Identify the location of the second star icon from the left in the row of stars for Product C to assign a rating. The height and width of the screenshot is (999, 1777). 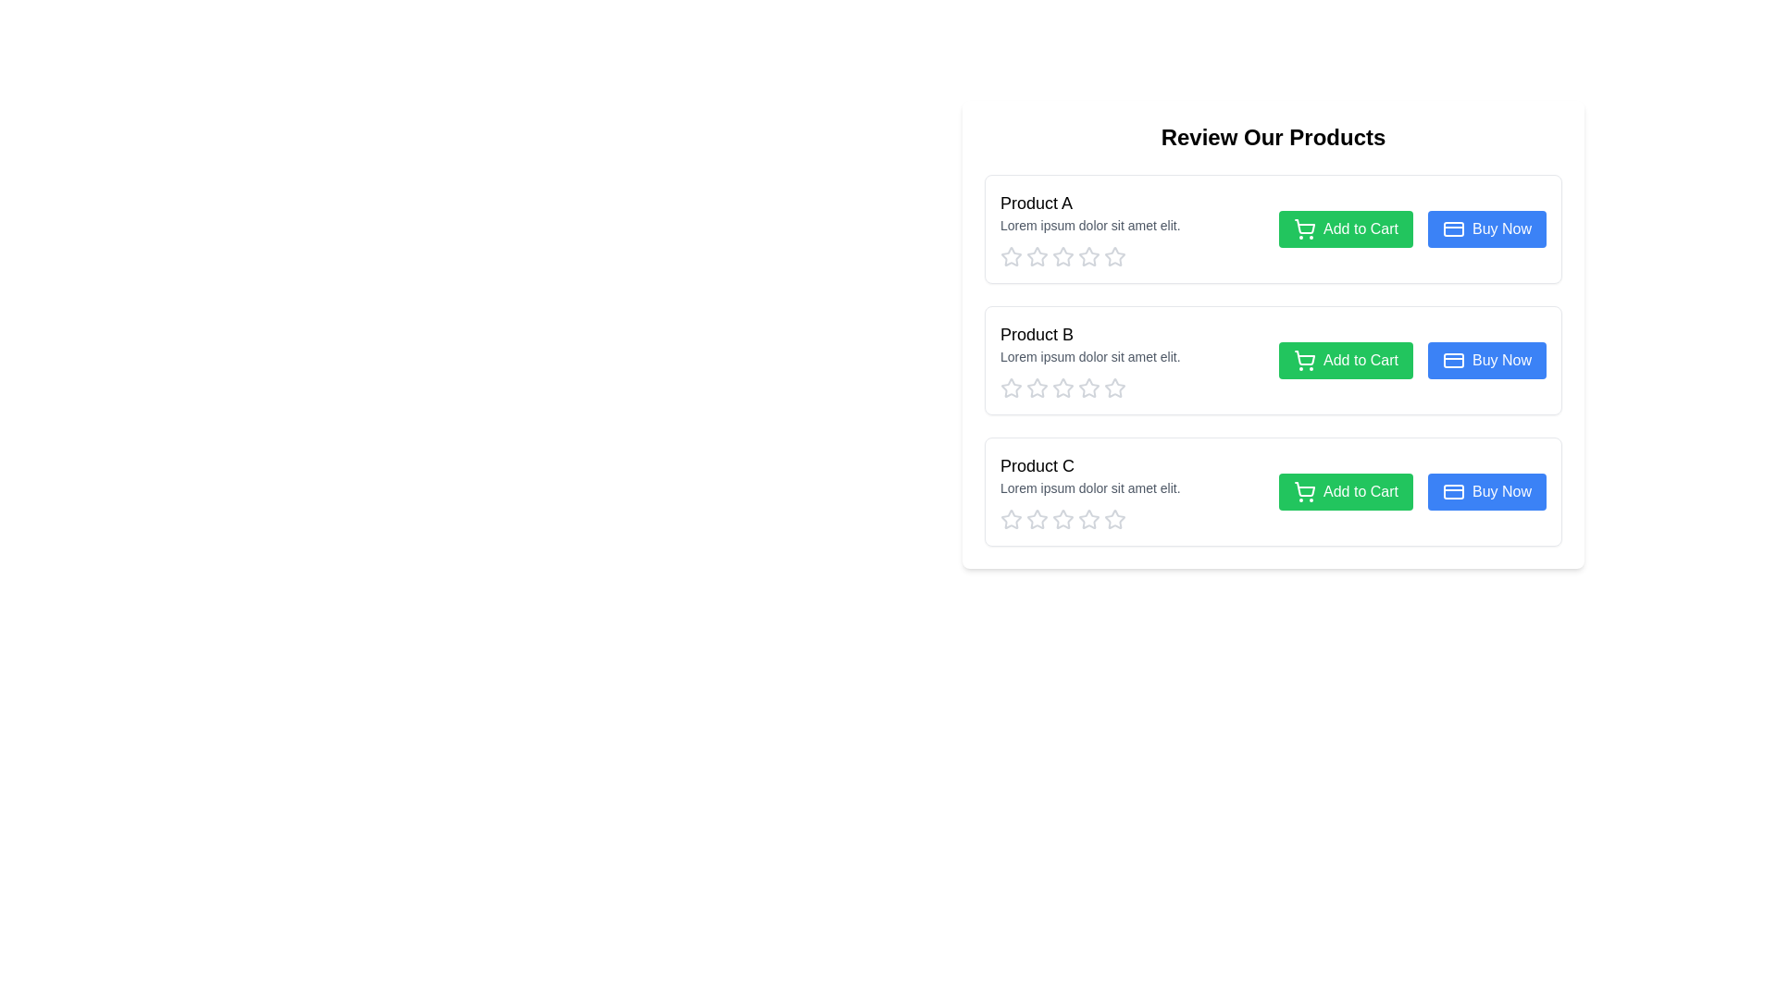
(1038, 520).